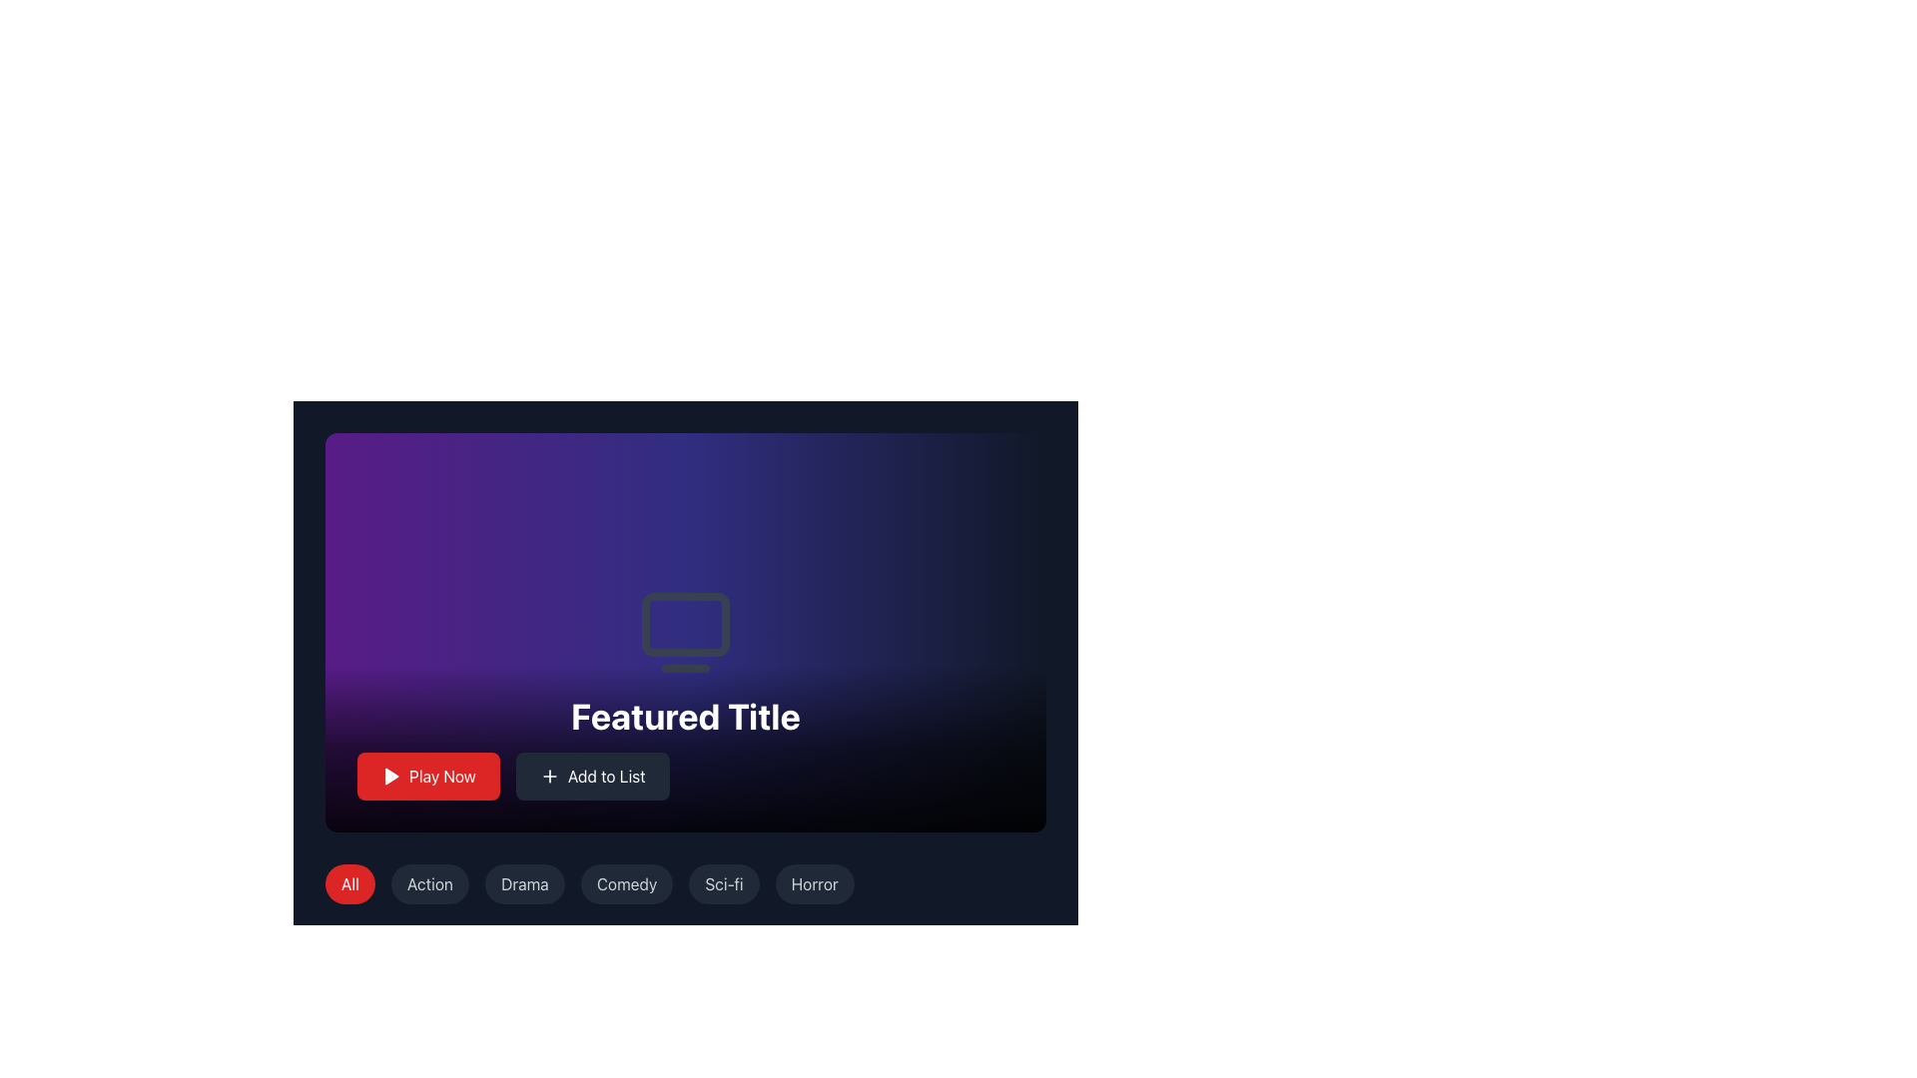 The height and width of the screenshot is (1078, 1917). Describe the element at coordinates (723, 883) in the screenshot. I see `the rounded rectangular button labeled 'Sci-fi'` at that location.